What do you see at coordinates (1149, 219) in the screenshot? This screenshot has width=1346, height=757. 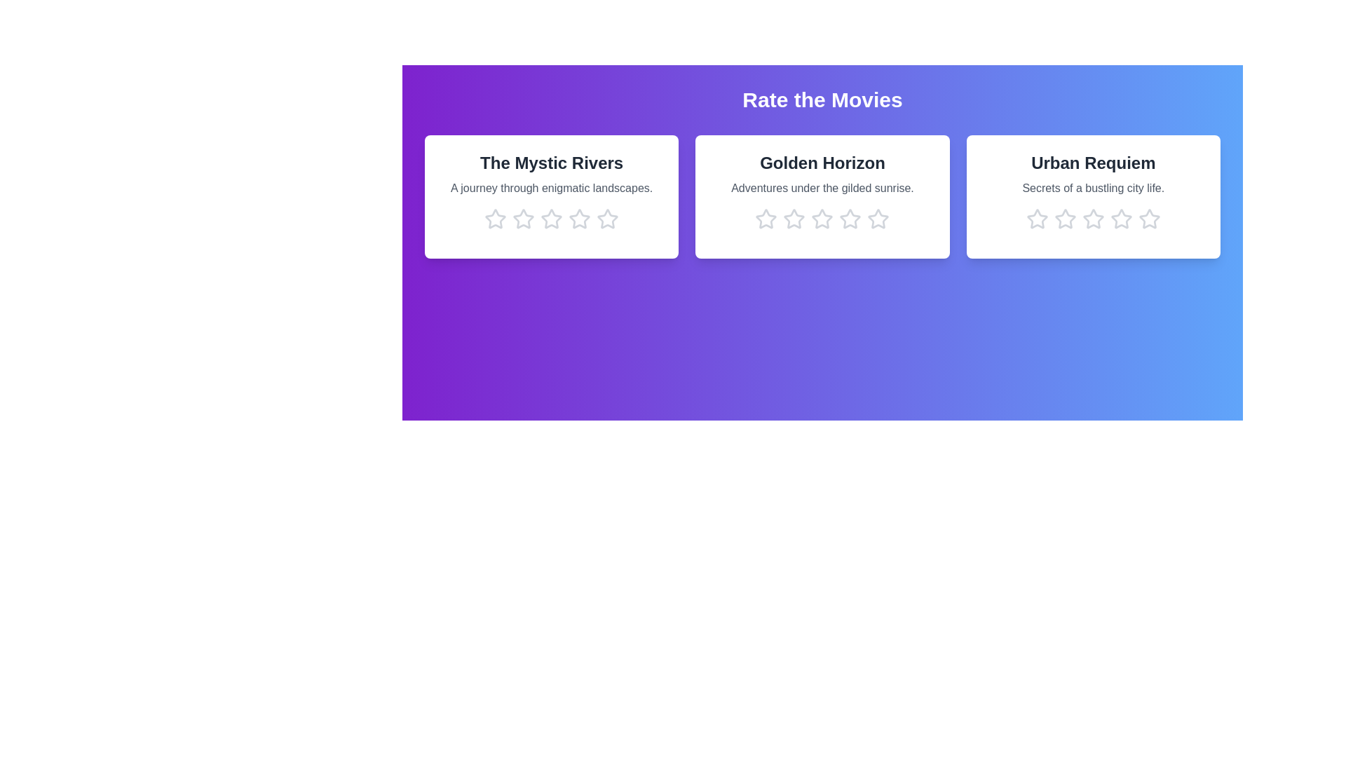 I see `the star corresponding to 5 stars in the movie card titled 'Urban Requiem'` at bounding box center [1149, 219].